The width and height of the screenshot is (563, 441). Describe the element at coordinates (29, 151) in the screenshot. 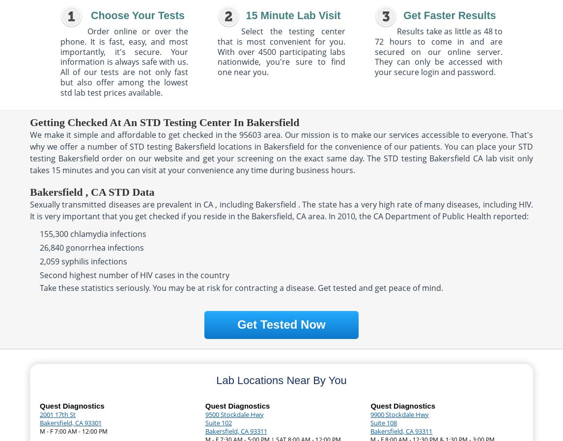

I see `'We make it simple and affordable to get checked in the 95603 area. Our mission is to make our services accessible to everyone. That's why we offer a number of STD testing  Bakersfield locations in   Bakersfield  for the convenience of our patients. You can place your STD testing  Bakersfield order on our website and get your screening on the exact same day. The STD testing  Bakersfield CA lab visit only takes 15 minutes and you can visit at your convenience any time during business hours.'` at that location.